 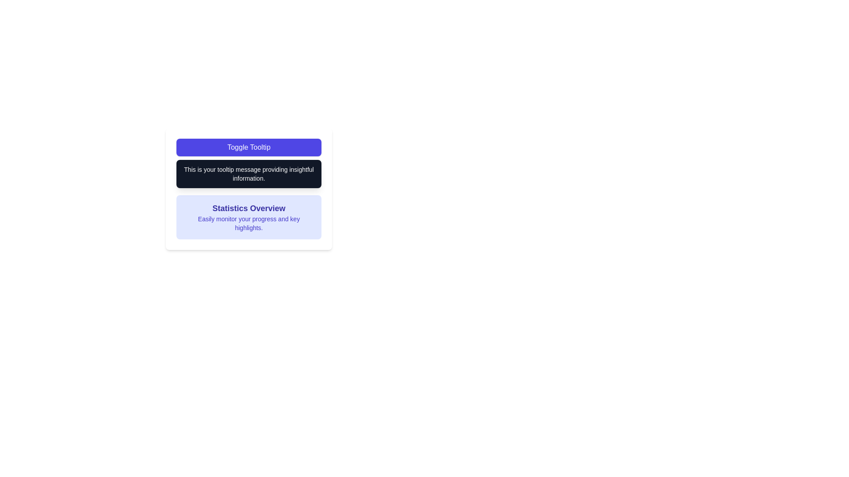 I want to click on the tooltip with a dark gray background and white text that provides insightful information, positioned below the 'Toggle Tooltip' button, so click(x=248, y=174).